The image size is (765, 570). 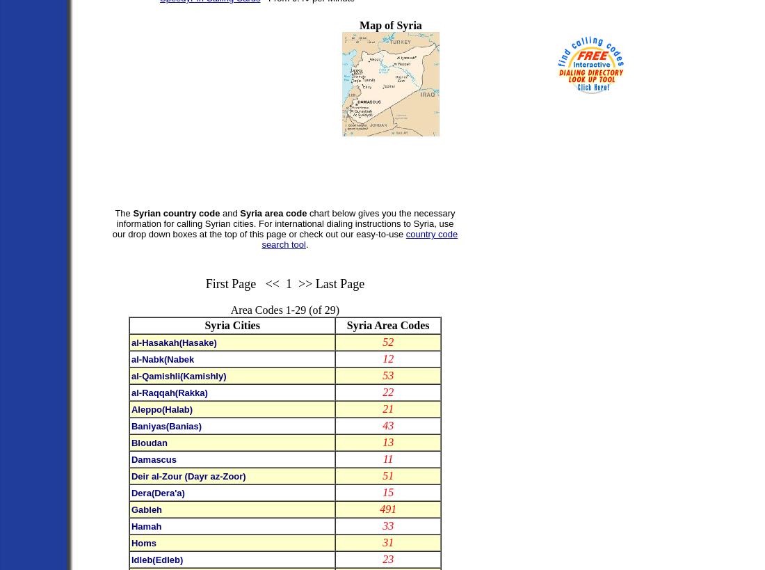 What do you see at coordinates (387, 358) in the screenshot?
I see `'12'` at bounding box center [387, 358].